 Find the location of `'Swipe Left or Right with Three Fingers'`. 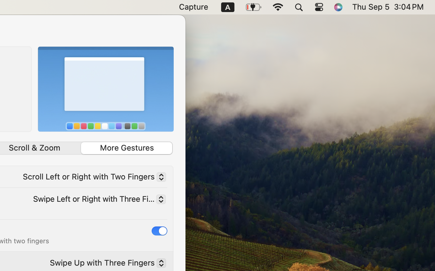

'Swipe Left or Right with Three Fingers' is located at coordinates (97, 200).